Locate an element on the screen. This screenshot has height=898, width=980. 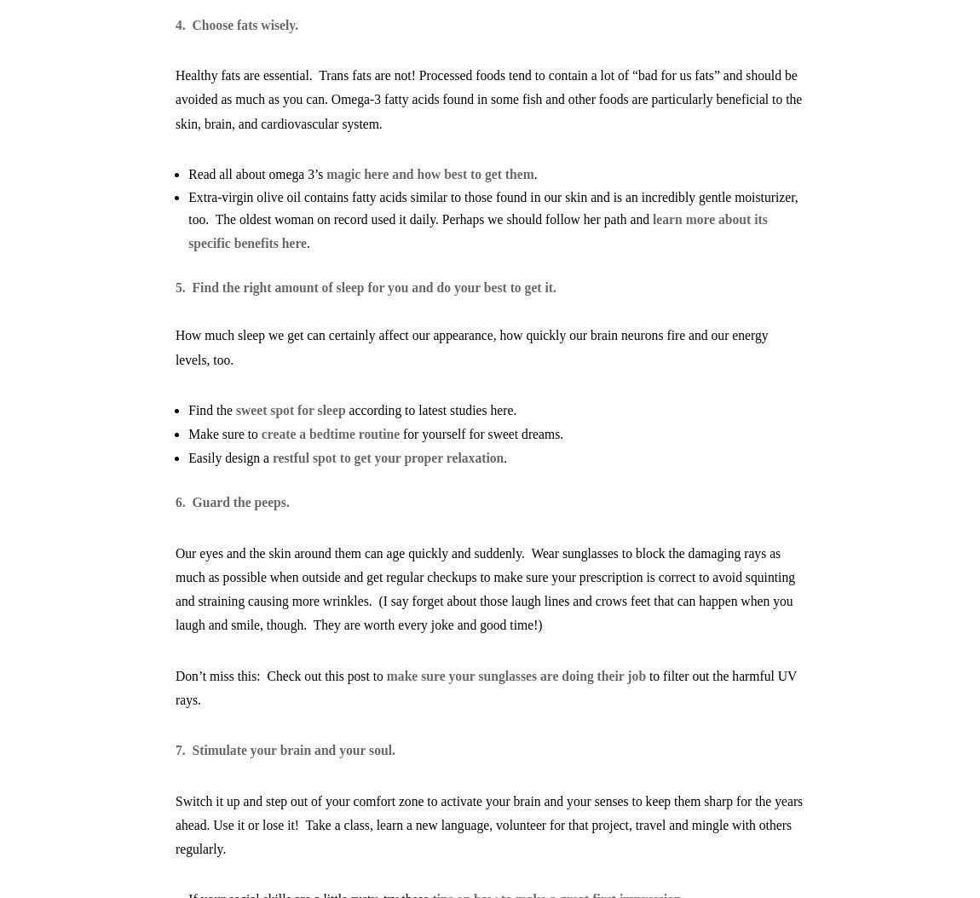
'6.  Guard the peeps.' is located at coordinates (230, 501).